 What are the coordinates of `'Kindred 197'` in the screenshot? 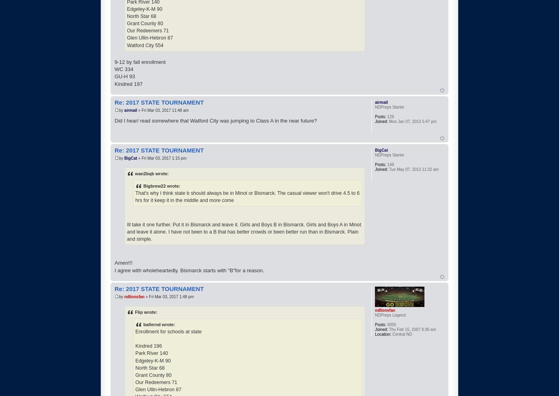 It's located at (129, 83).